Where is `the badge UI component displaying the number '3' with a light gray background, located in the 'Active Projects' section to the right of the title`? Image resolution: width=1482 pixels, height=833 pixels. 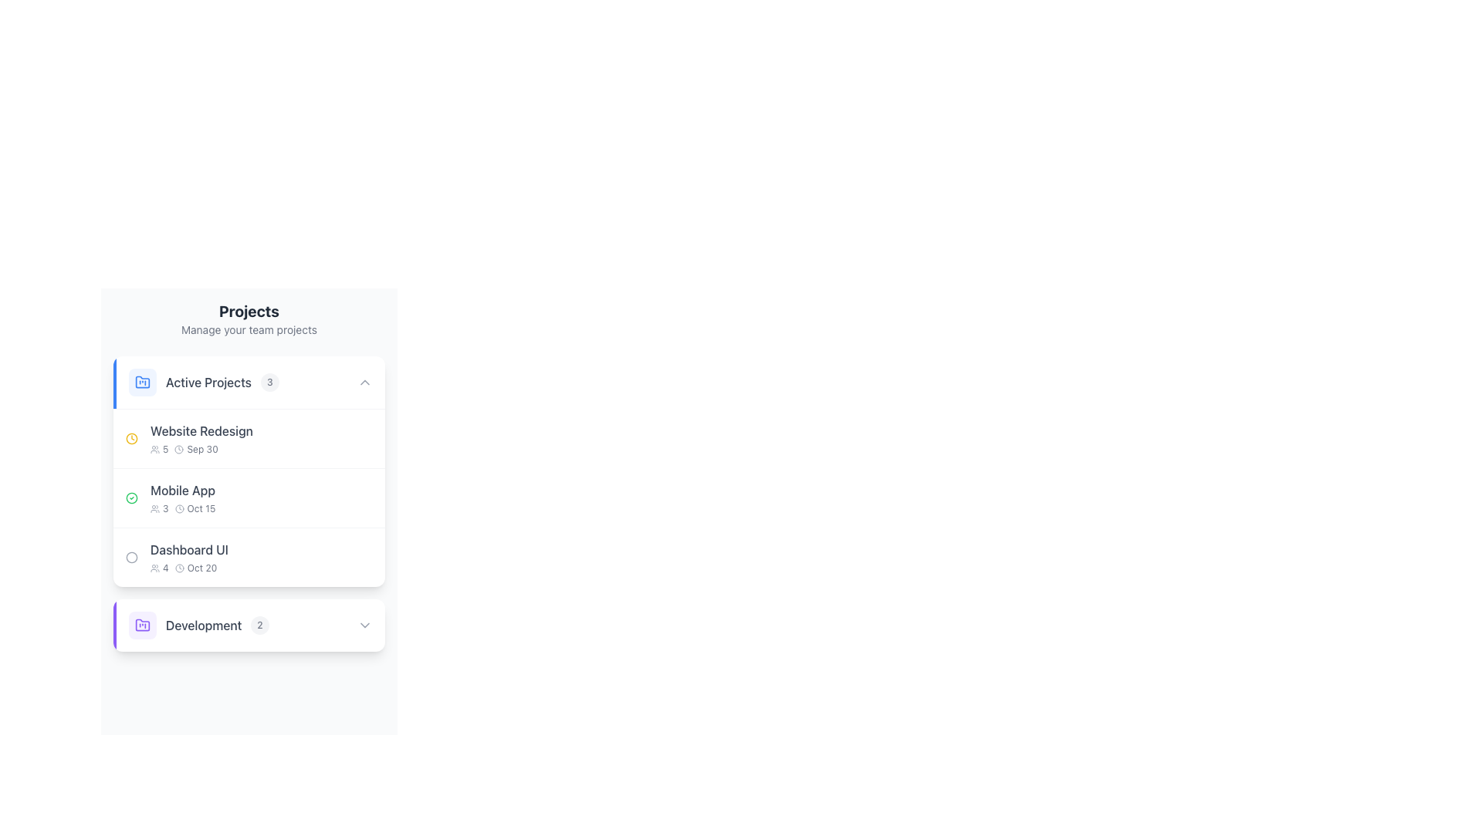 the badge UI component displaying the number '3' with a light gray background, located in the 'Active Projects' section to the right of the title is located at coordinates (269, 382).